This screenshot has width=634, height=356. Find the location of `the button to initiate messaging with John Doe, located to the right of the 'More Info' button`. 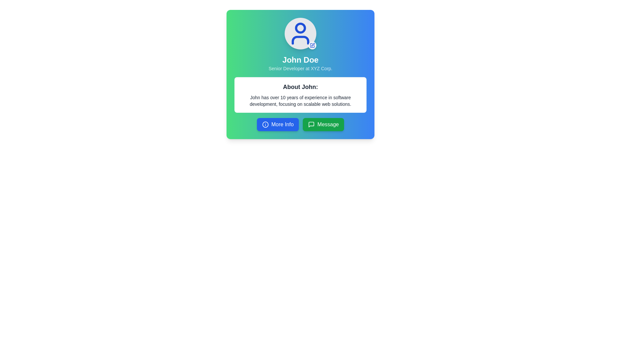

the button to initiate messaging with John Doe, located to the right of the 'More Info' button is located at coordinates (323, 125).